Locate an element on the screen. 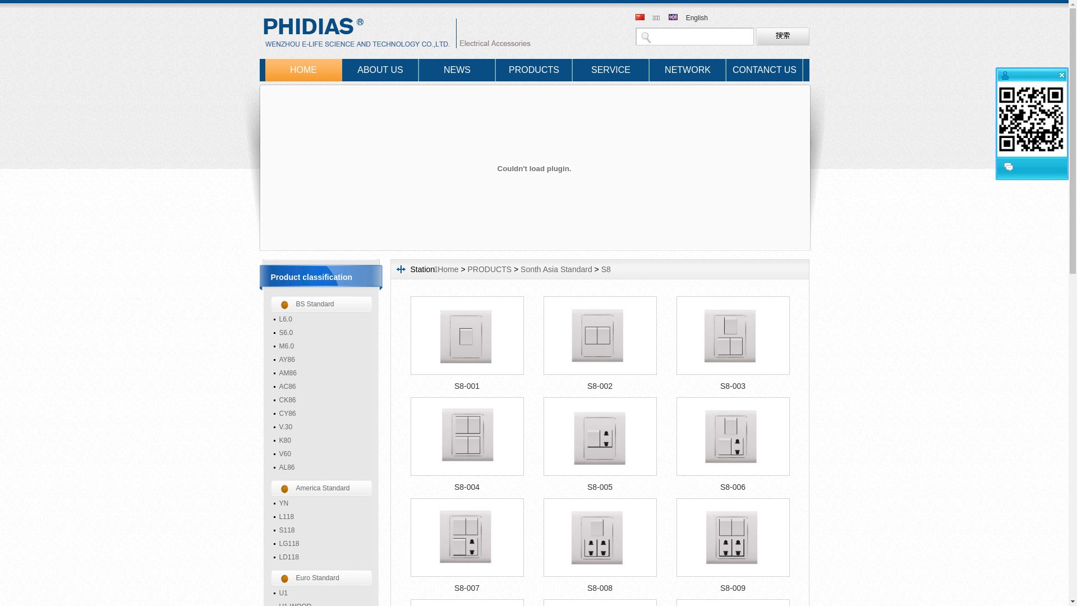 Image resolution: width=1077 pixels, height=606 pixels. 'L6.0' is located at coordinates (258, 319).